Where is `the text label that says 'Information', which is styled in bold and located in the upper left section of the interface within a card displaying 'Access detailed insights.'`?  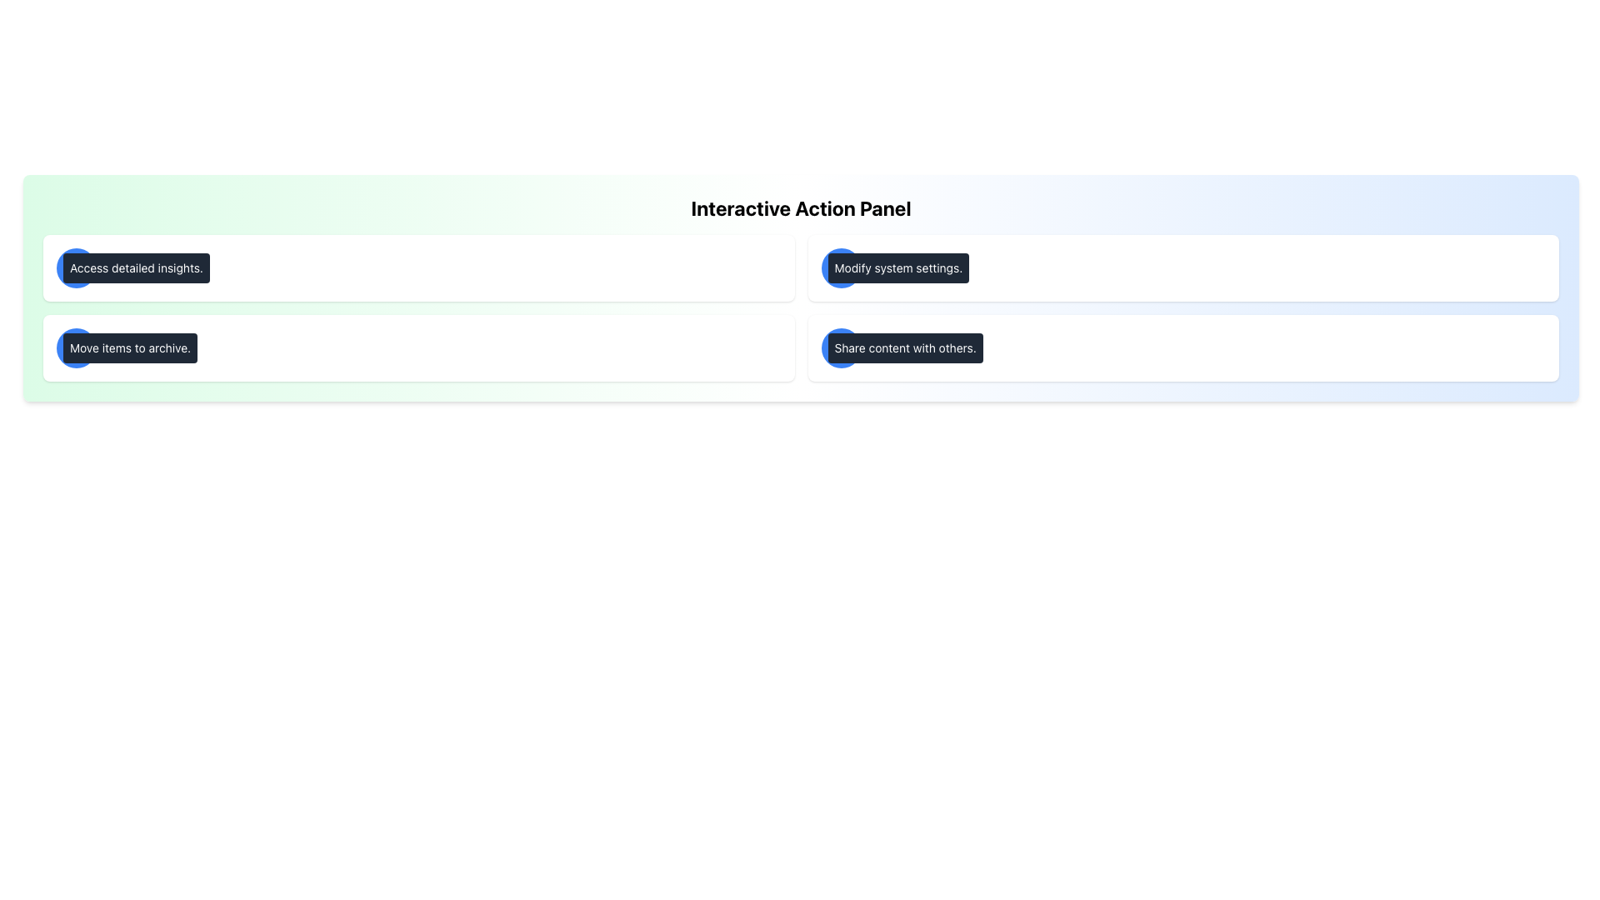 the text label that says 'Information', which is styled in bold and located in the upper left section of the interface within a card displaying 'Access detailed insights.' is located at coordinates (150, 267).